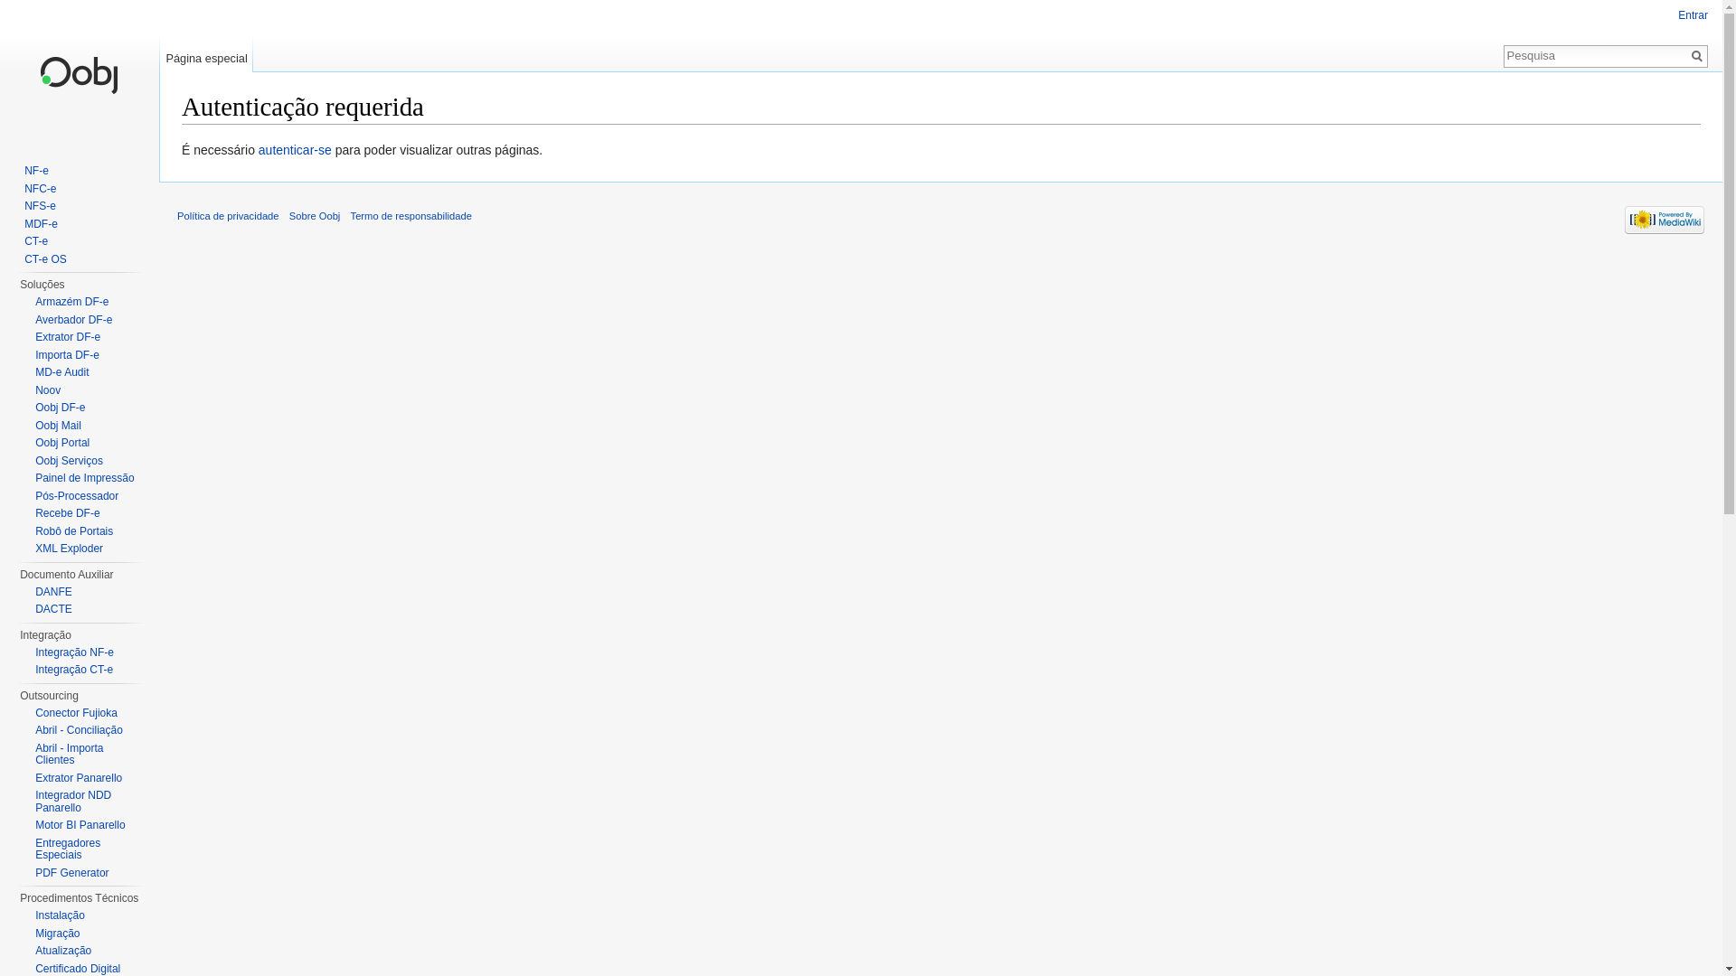  What do you see at coordinates (77, 967) in the screenshot?
I see `'Certificado Digital'` at bounding box center [77, 967].